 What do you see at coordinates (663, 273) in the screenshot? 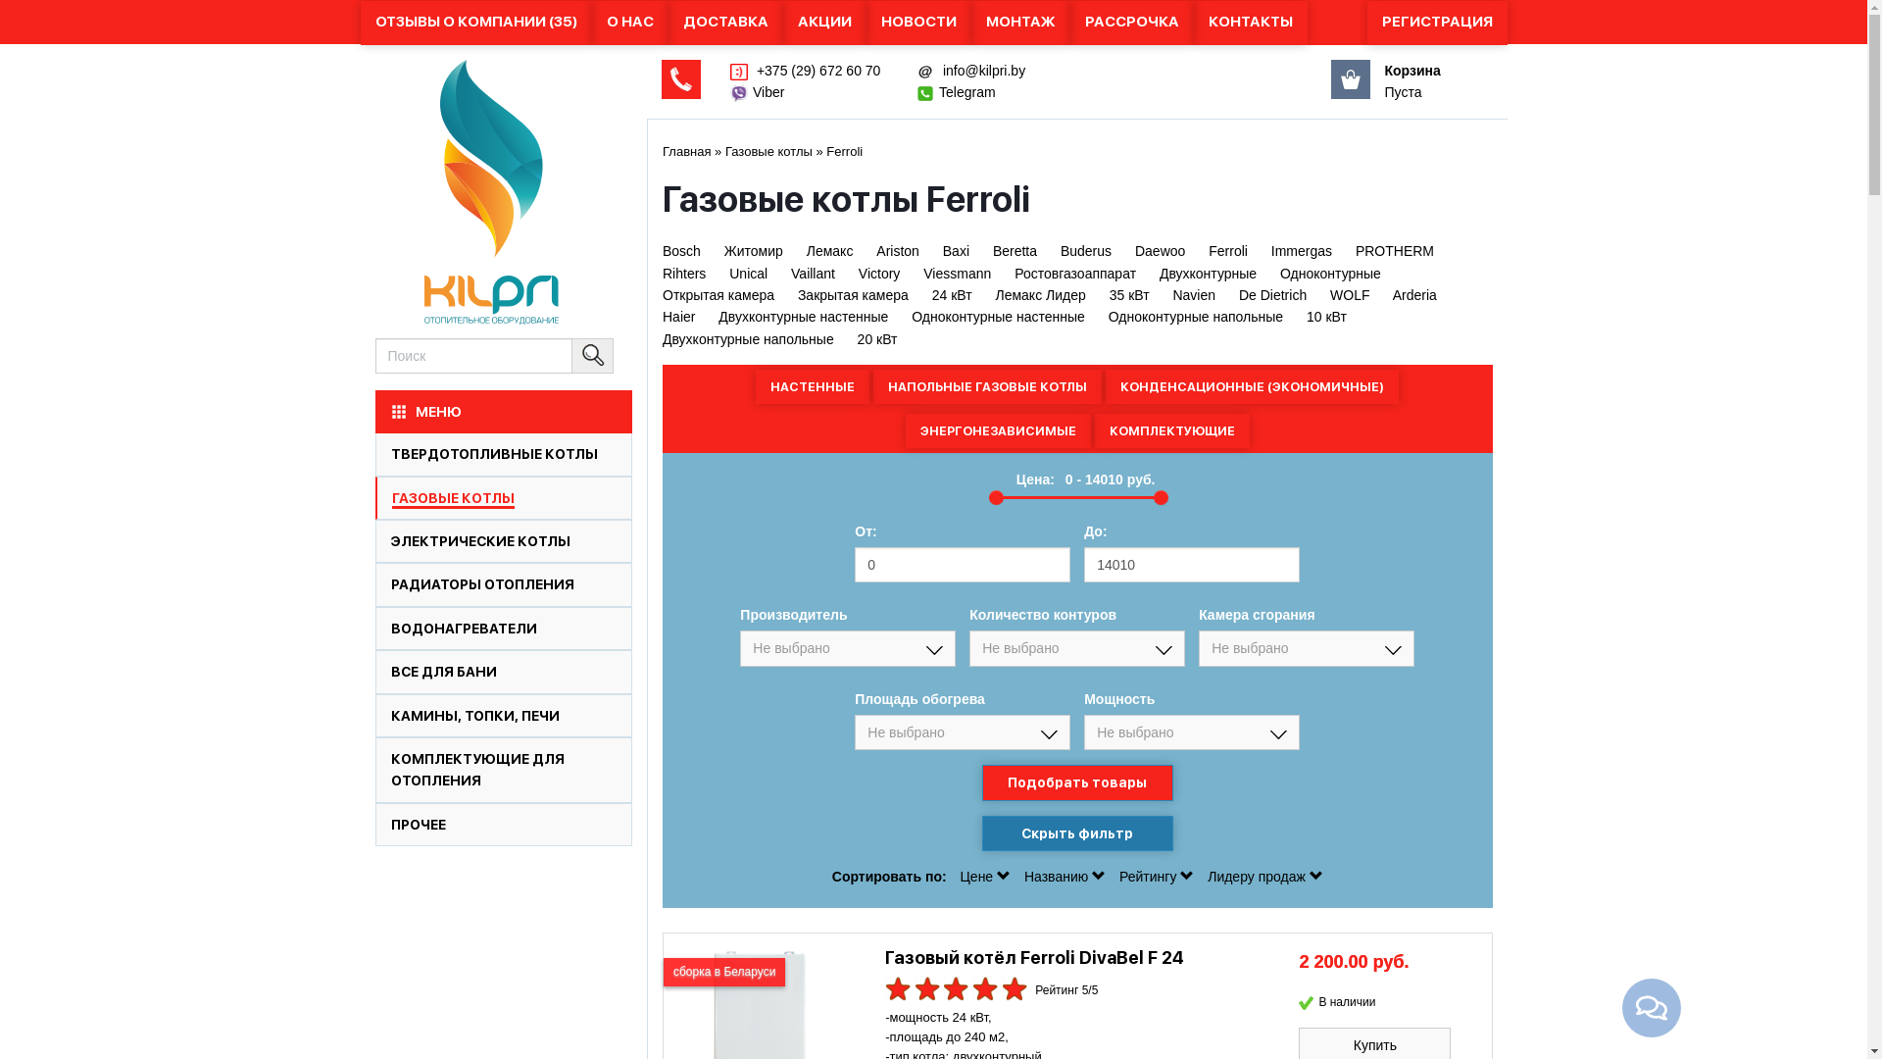
I see `'Rihters'` at bounding box center [663, 273].